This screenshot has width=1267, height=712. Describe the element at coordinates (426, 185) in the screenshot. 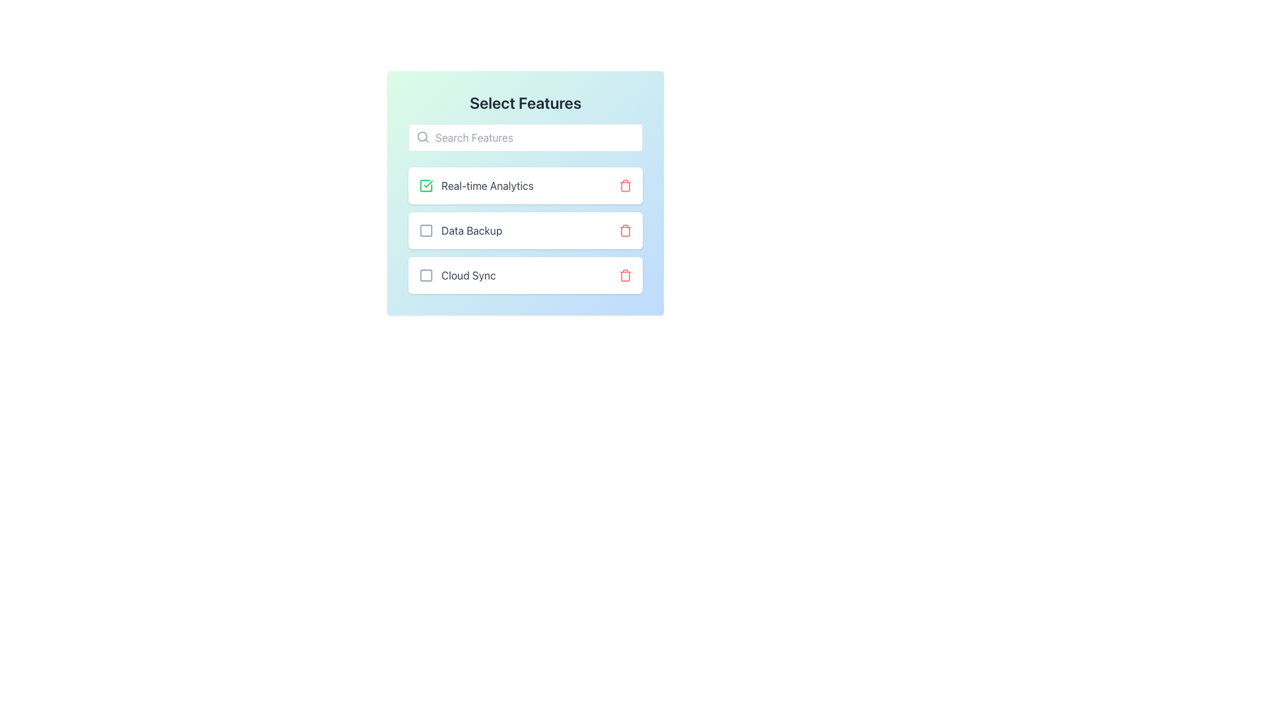

I see `the checkbox for 'Real-time Analytics'` at that location.